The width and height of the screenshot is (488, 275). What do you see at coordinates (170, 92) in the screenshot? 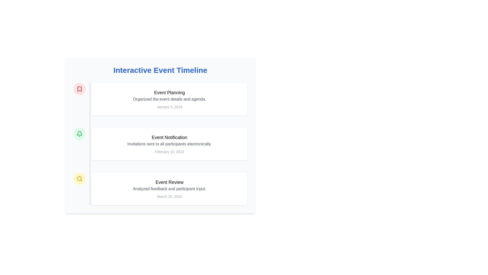
I see `the title text label of the first event card in the timeline interface, which provides a quick reference to the event's main topic` at bounding box center [170, 92].